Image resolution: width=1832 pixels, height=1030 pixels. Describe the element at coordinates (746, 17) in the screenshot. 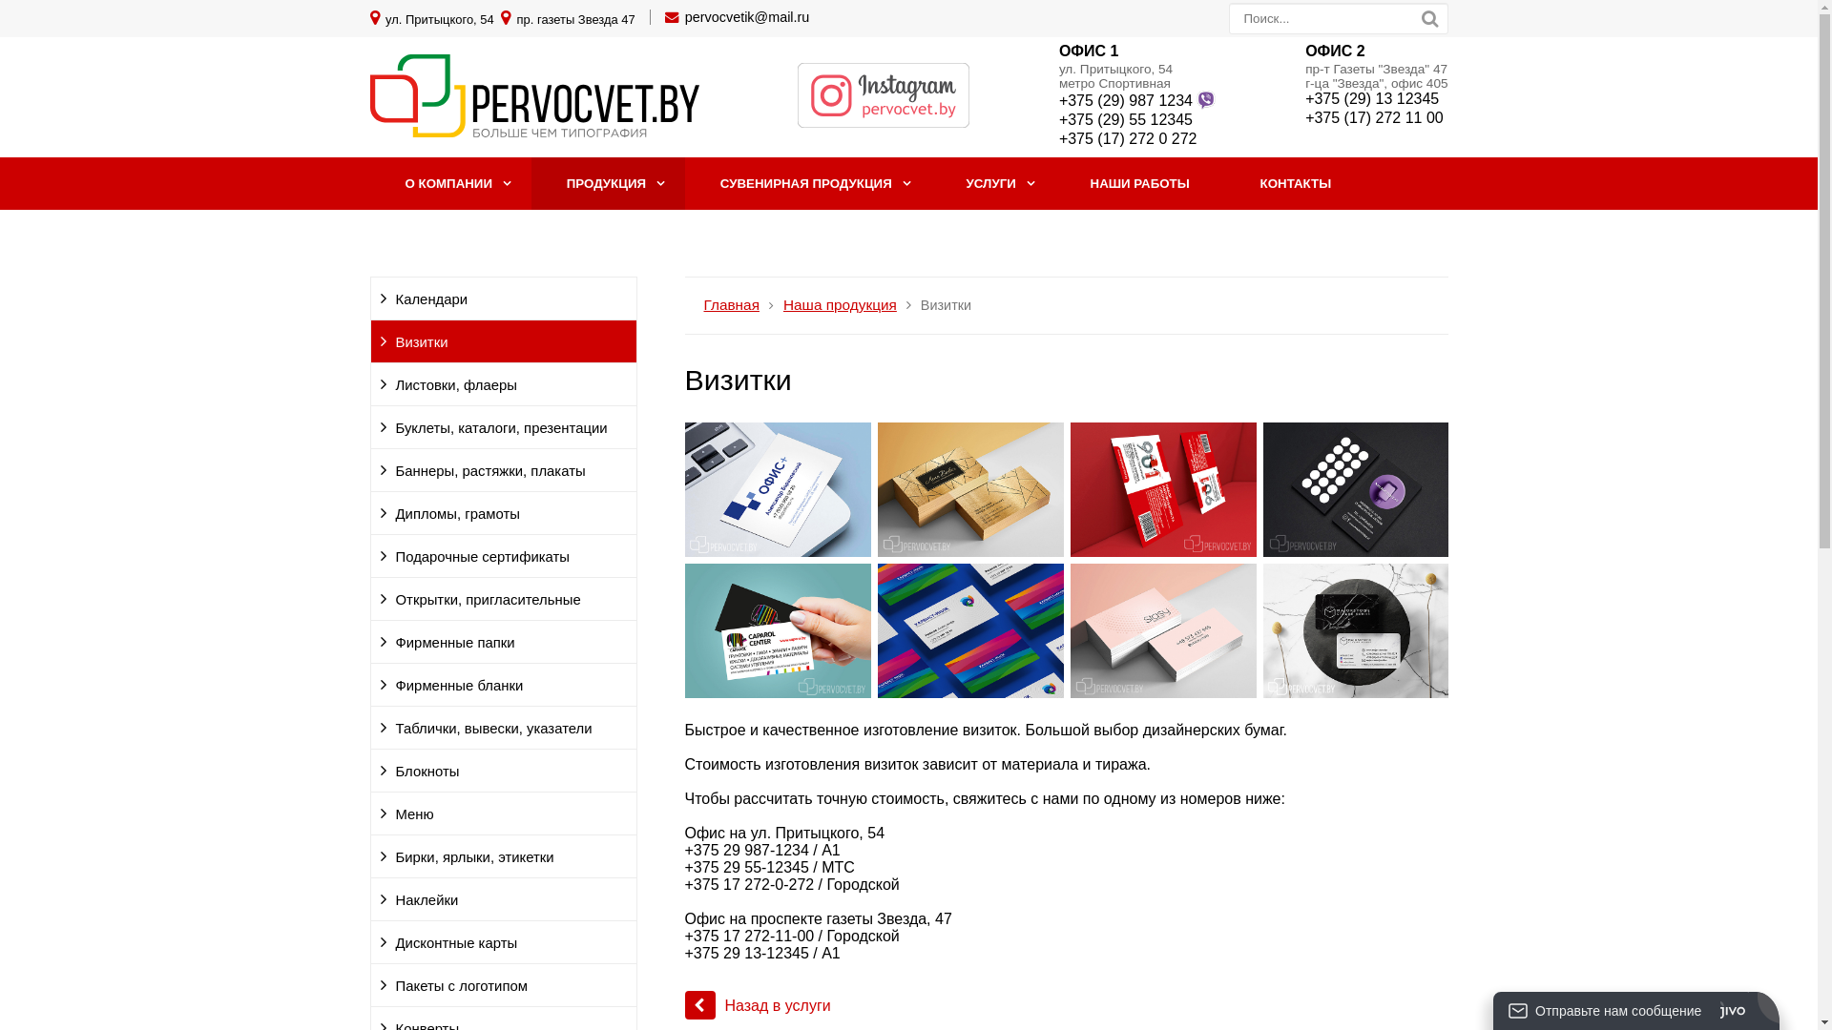

I see `'pervocvetik@mail.ru'` at that location.